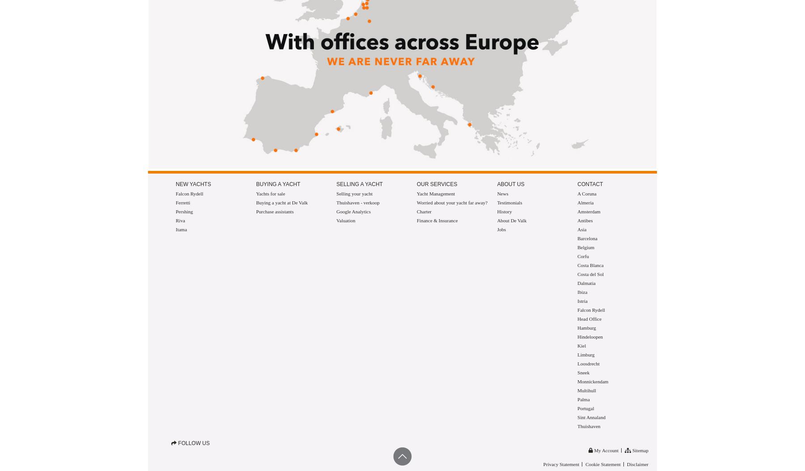  Describe the element at coordinates (175, 211) in the screenshot. I see `'Pershing'` at that location.